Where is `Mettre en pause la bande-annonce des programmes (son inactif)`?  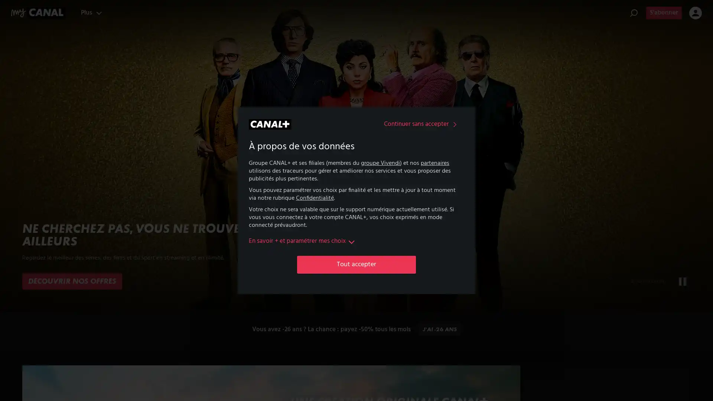 Mettre en pause la bande-annonce des programmes (son inactif) is located at coordinates (683, 281).